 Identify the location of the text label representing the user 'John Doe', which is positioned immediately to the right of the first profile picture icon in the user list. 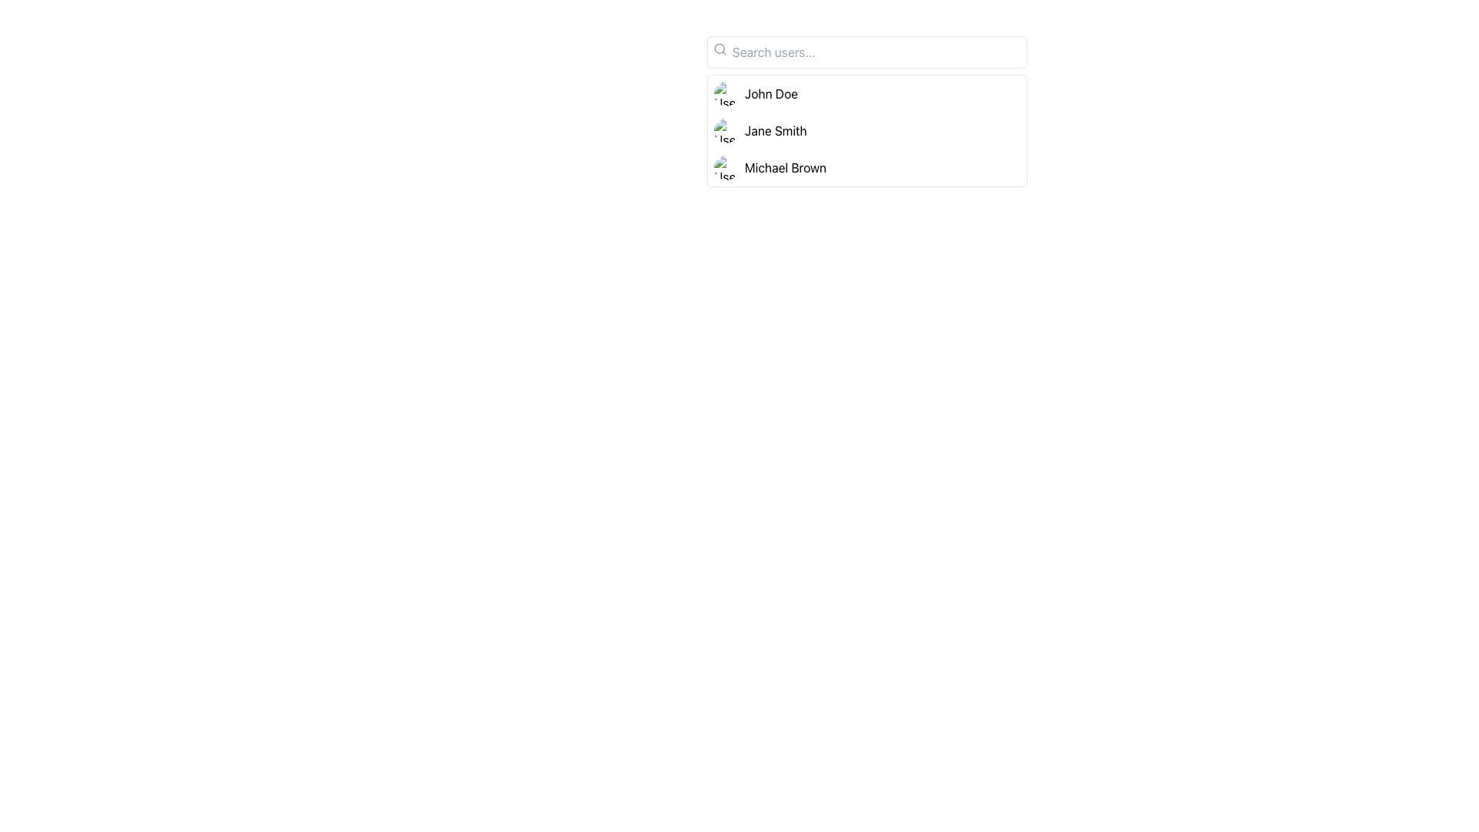
(771, 94).